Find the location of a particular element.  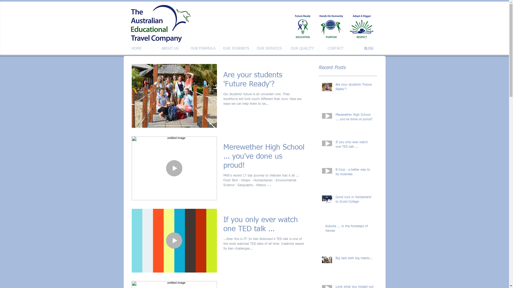

'If you only ever watch one TED talk ...' is located at coordinates (355, 146).